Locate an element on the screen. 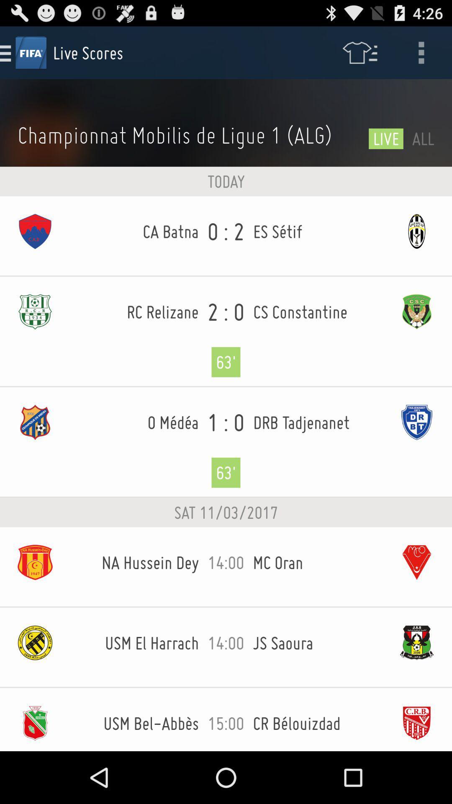  the item above the sat 11 03 item is located at coordinates (226, 442).